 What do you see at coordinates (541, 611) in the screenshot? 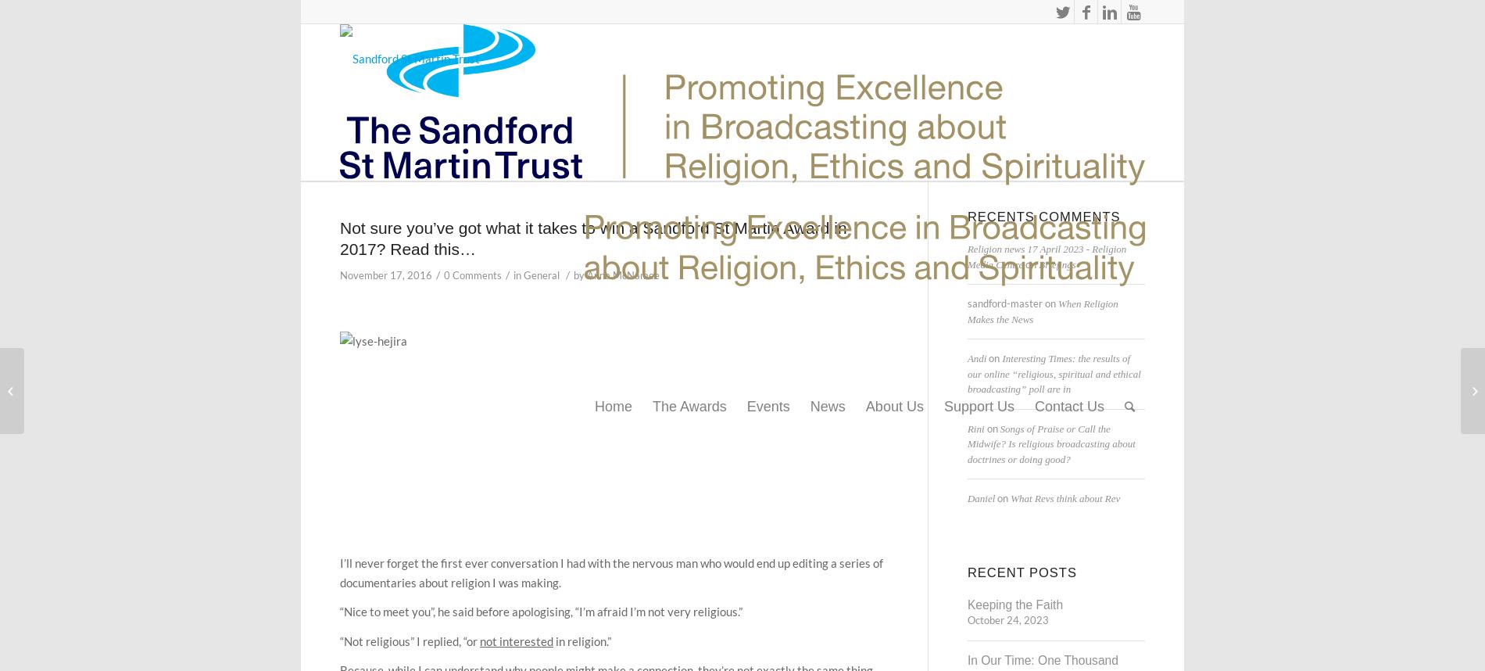
I see `'“Nice to meet you”, he said before apologising, “I’m afraid I’m not very religious.”'` at bounding box center [541, 611].